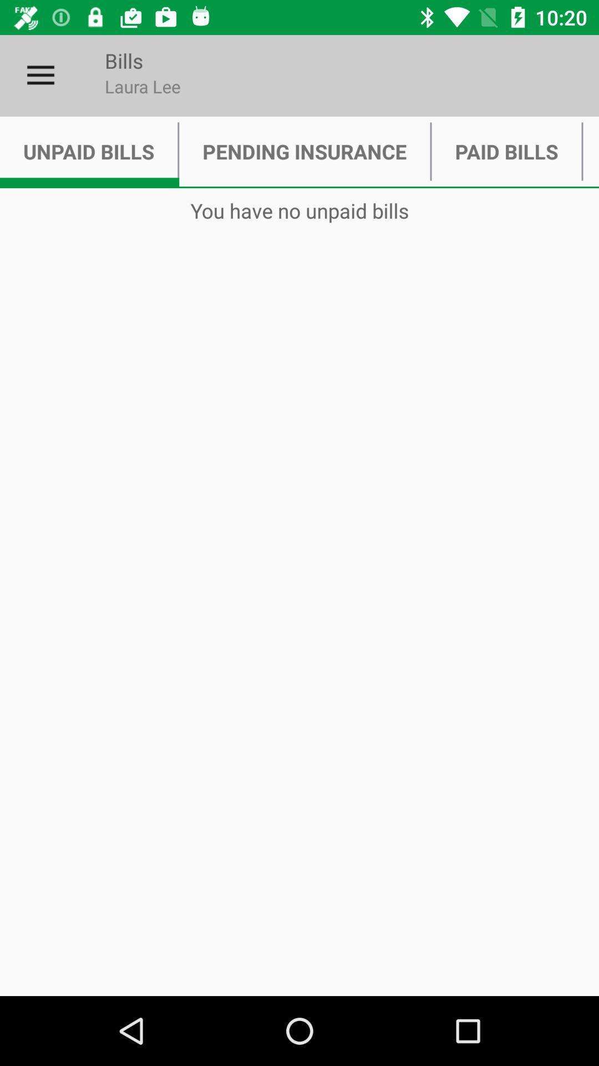 This screenshot has width=599, height=1066. What do you see at coordinates (40, 75) in the screenshot?
I see `icon above unpaid bills` at bounding box center [40, 75].